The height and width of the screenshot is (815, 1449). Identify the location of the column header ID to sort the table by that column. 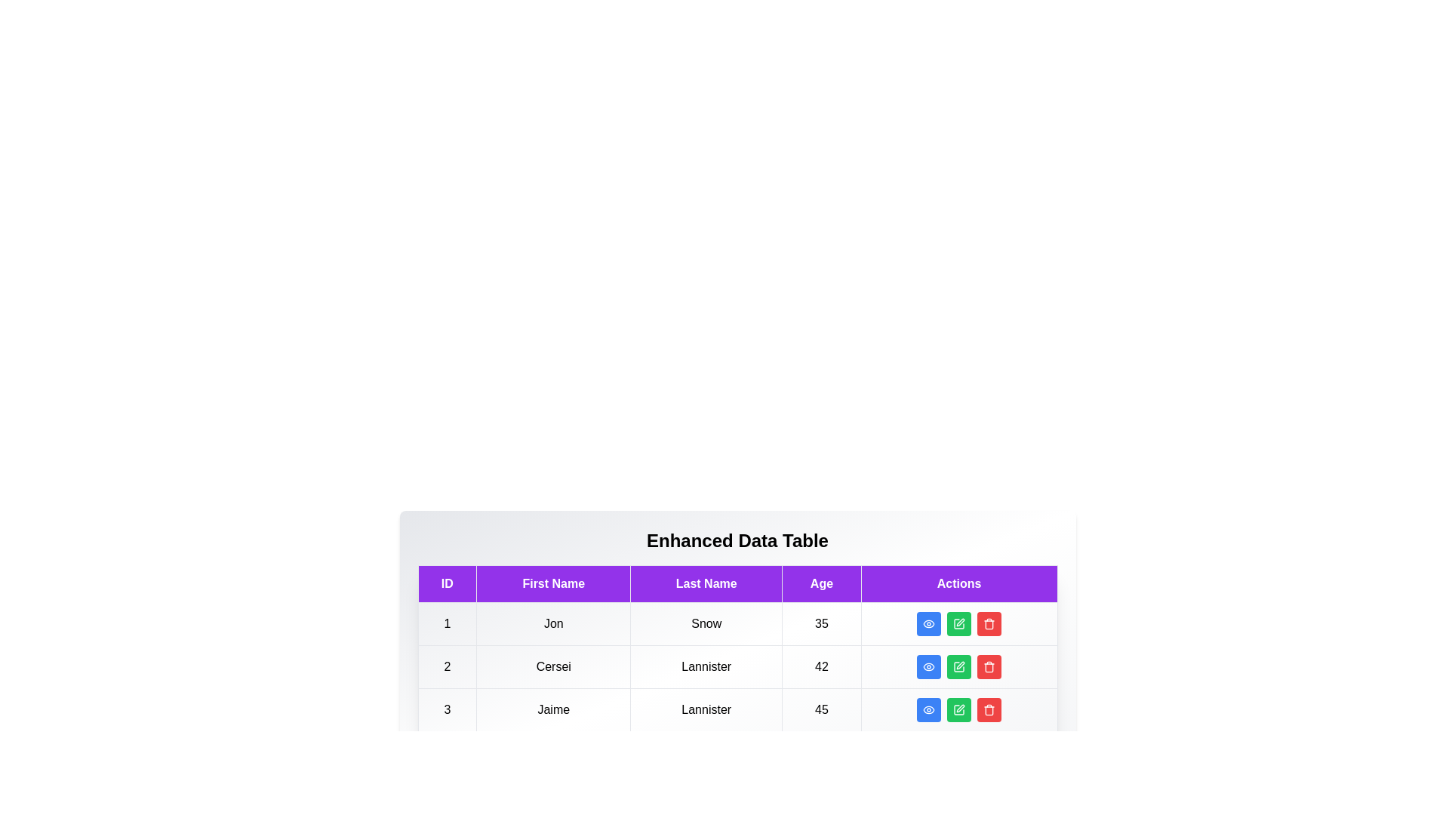
(446, 583).